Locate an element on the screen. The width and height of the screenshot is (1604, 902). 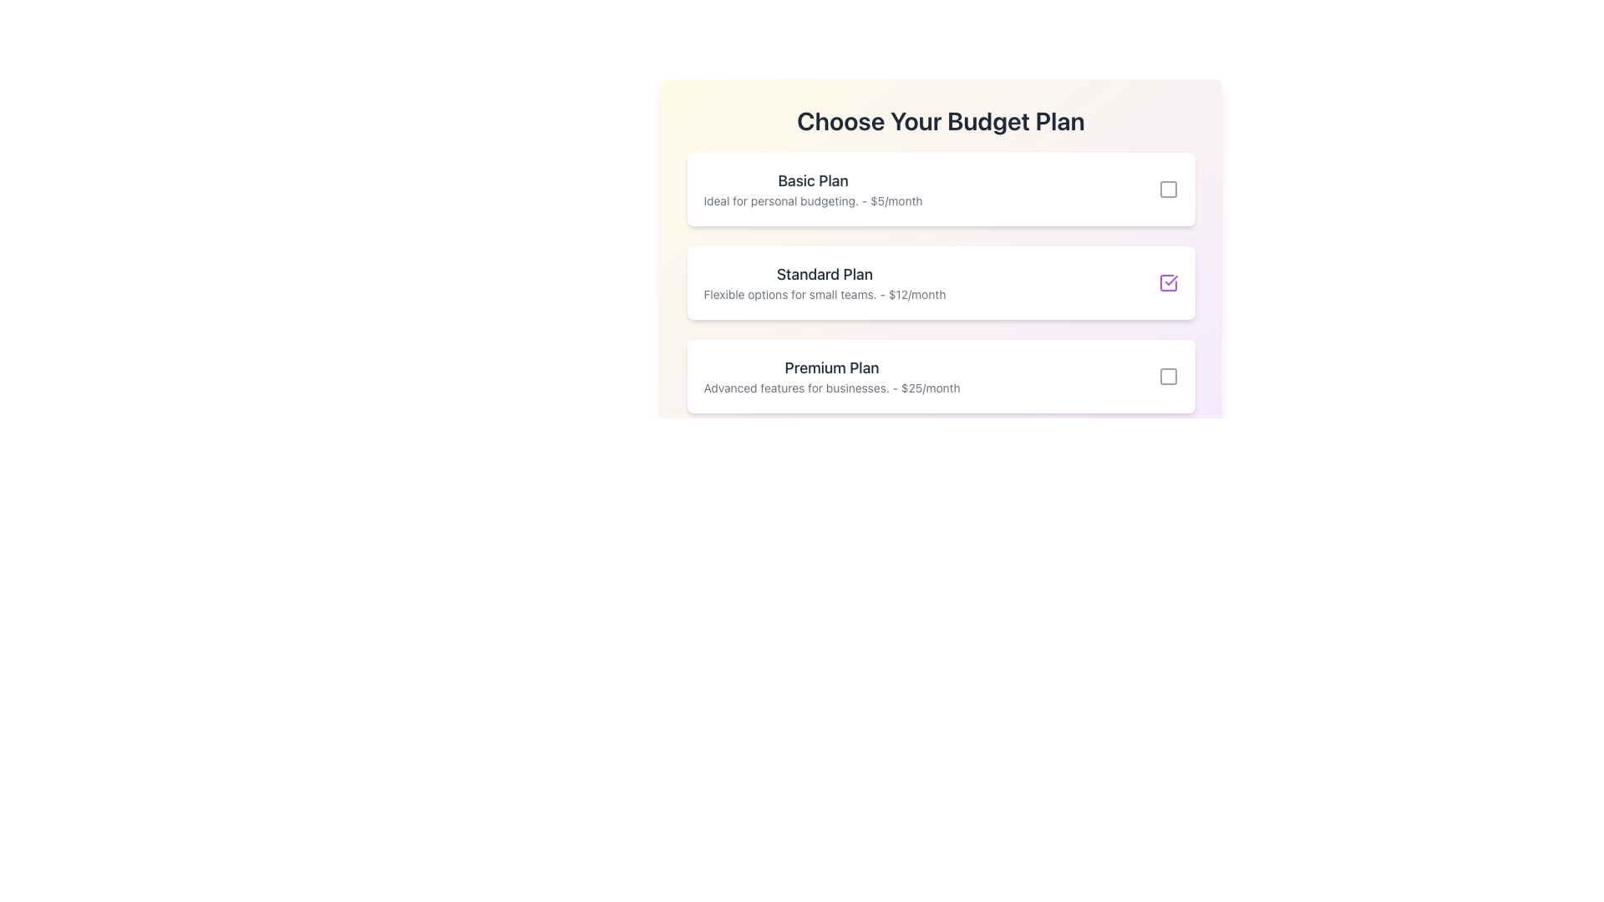
the 'Premium Plan' text label, which provides information about the subscription option, located centrally in the third card below the 'Basic Plan' and 'Standard Plan' is located at coordinates (832, 377).